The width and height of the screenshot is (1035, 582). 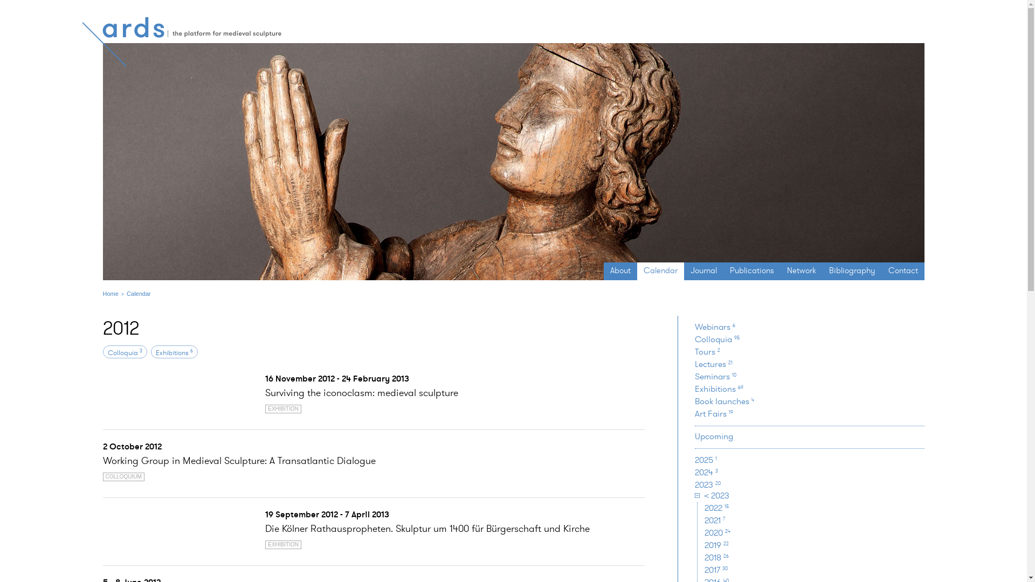 I want to click on 'Home', so click(x=110, y=293).